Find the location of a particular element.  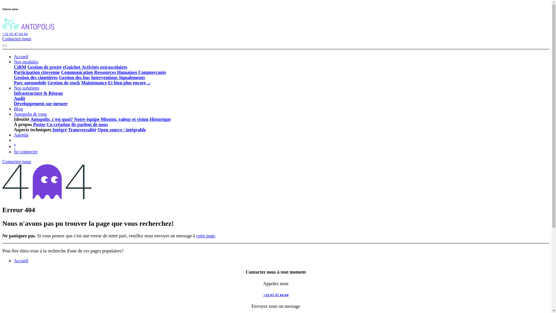

'Antopolis' is located at coordinates (28, 28).